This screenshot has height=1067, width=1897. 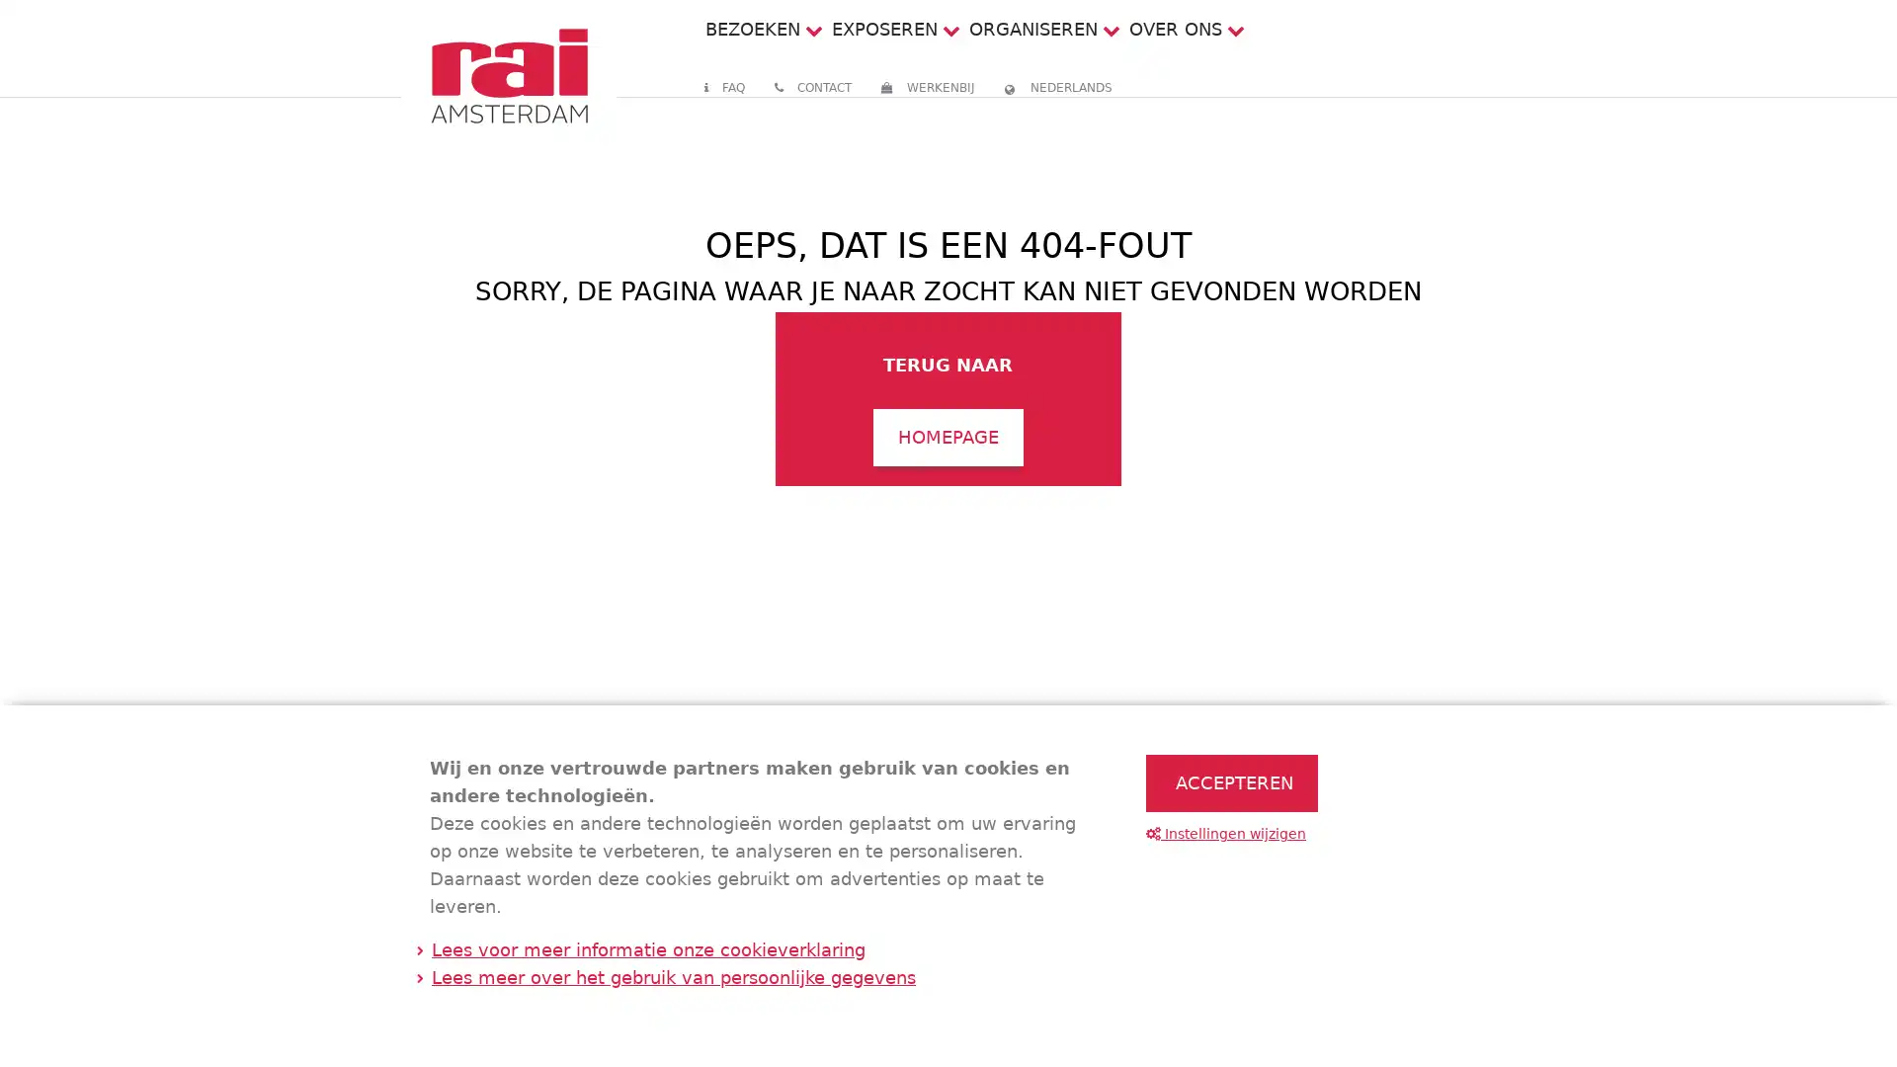 I want to click on OVER ONS, so click(x=1175, y=29).